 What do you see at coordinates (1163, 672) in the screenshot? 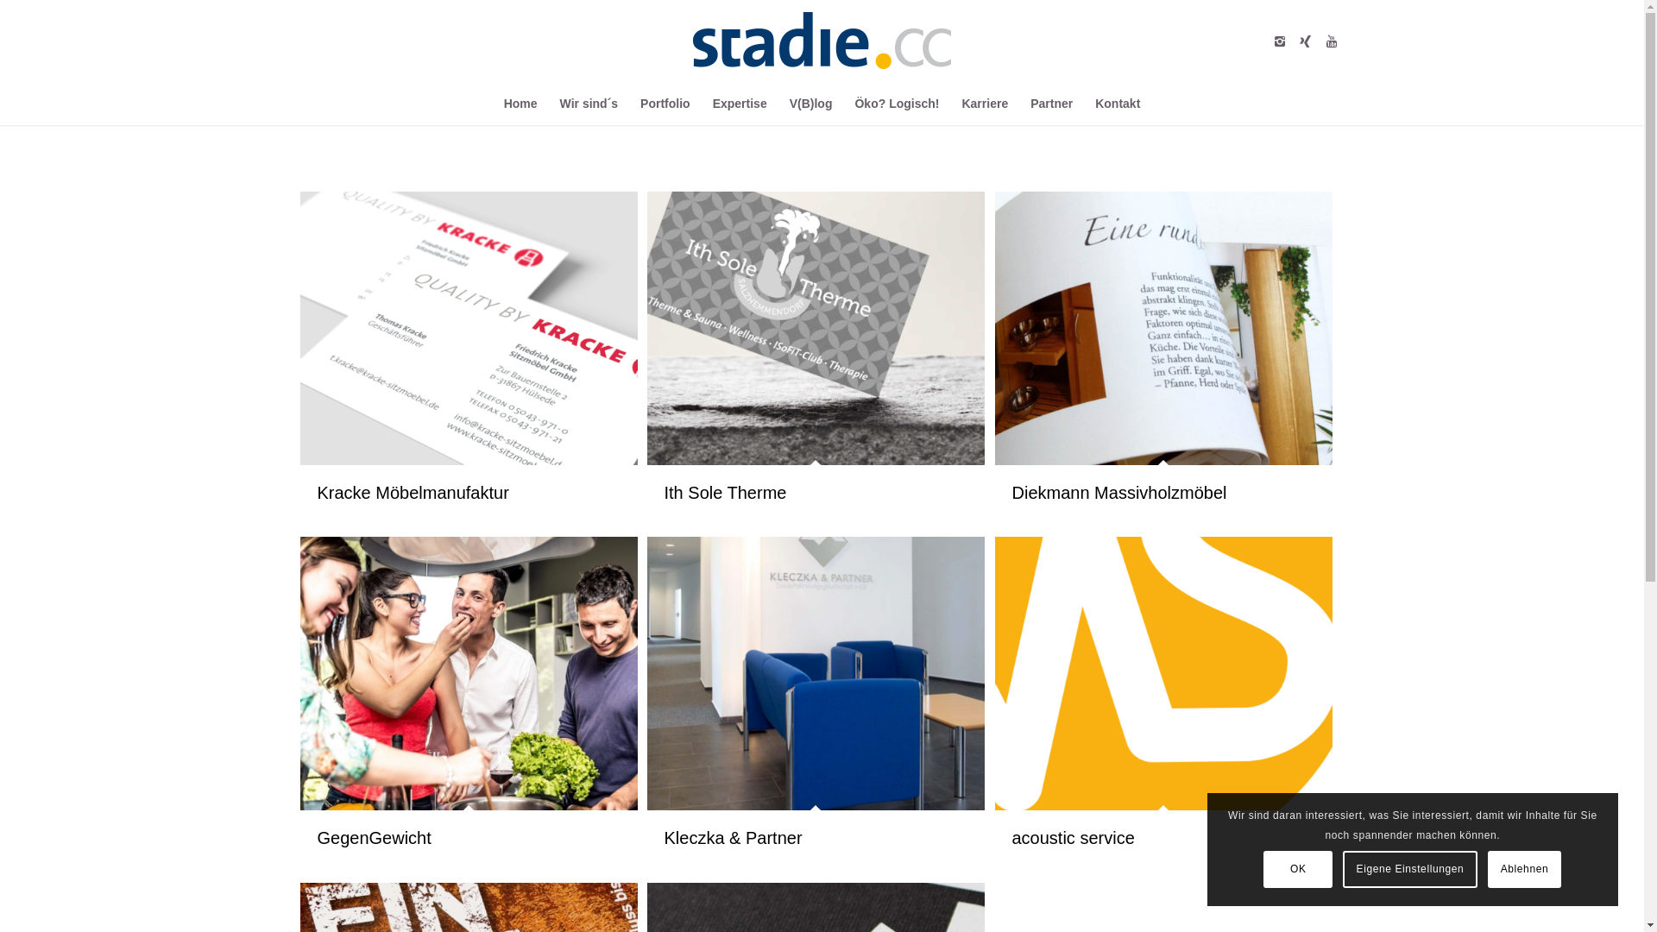
I see `'acoustic service'` at bounding box center [1163, 672].